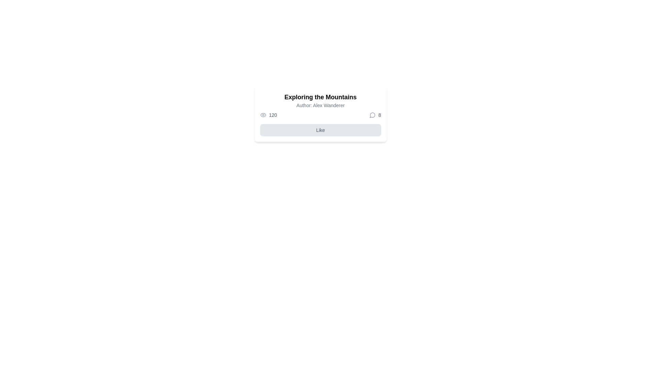 Image resolution: width=660 pixels, height=371 pixels. What do you see at coordinates (320, 105) in the screenshot?
I see `the Text Label element displaying 'Author: Alex Wanderer', which is located below the heading 'Exploring the Mountains' and above the engagement metrics and 'Like' button` at bounding box center [320, 105].